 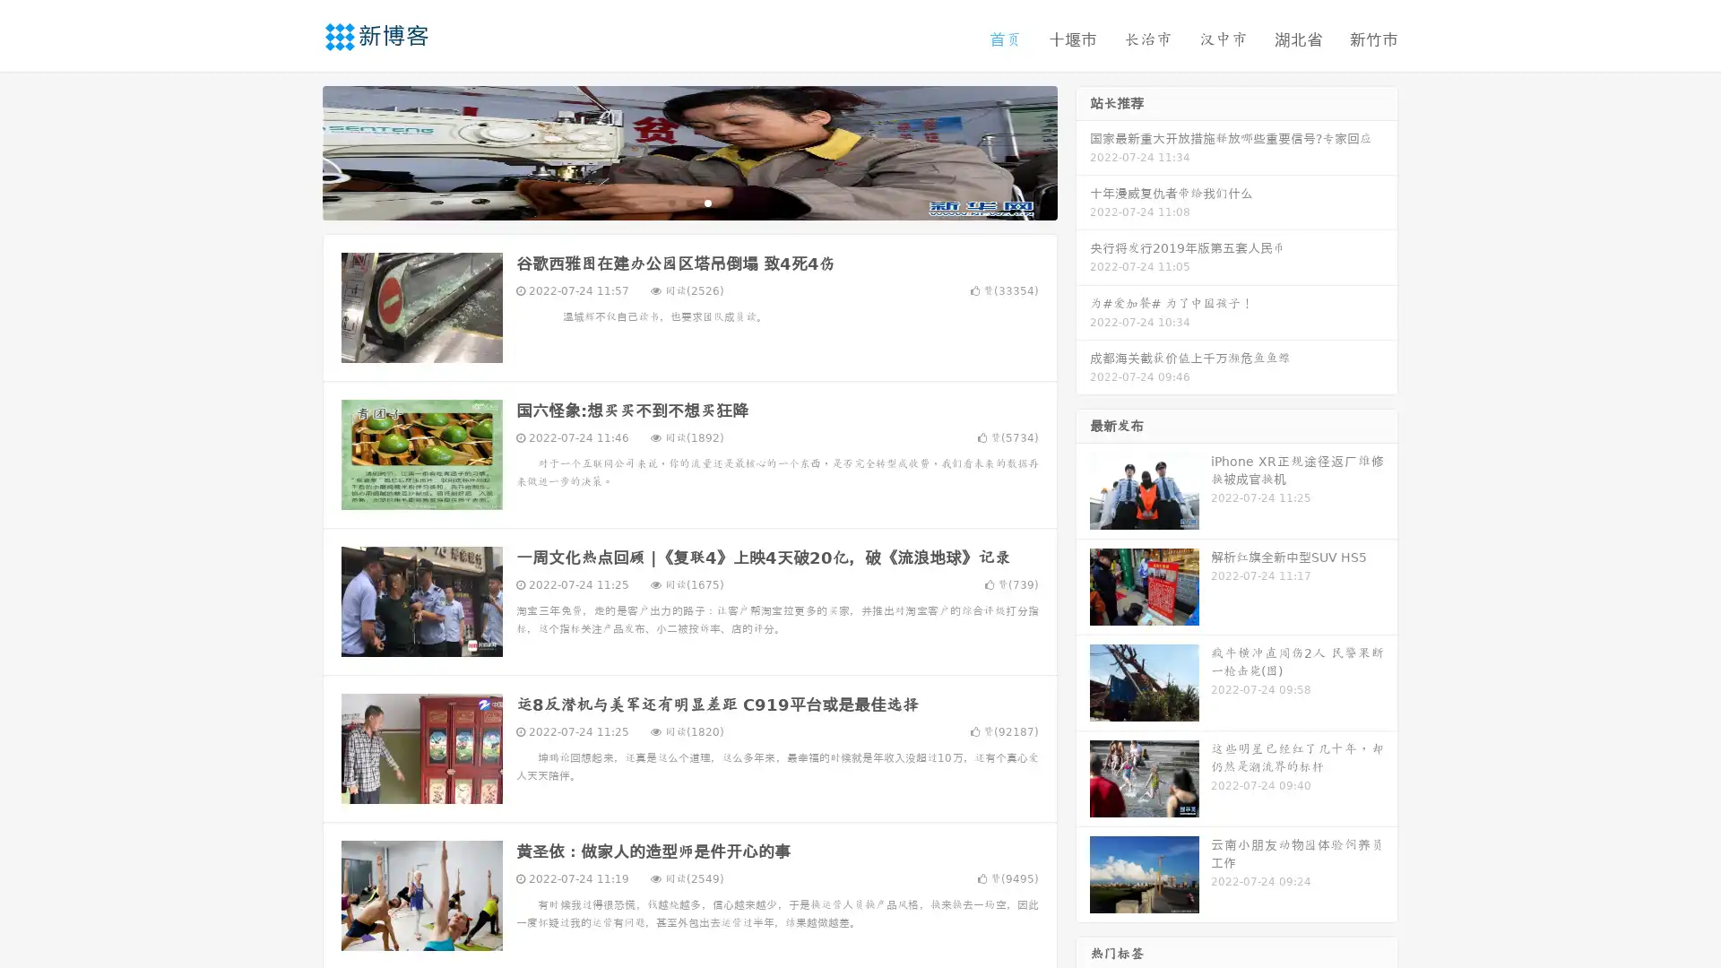 I want to click on Go to slide 2, so click(x=688, y=202).